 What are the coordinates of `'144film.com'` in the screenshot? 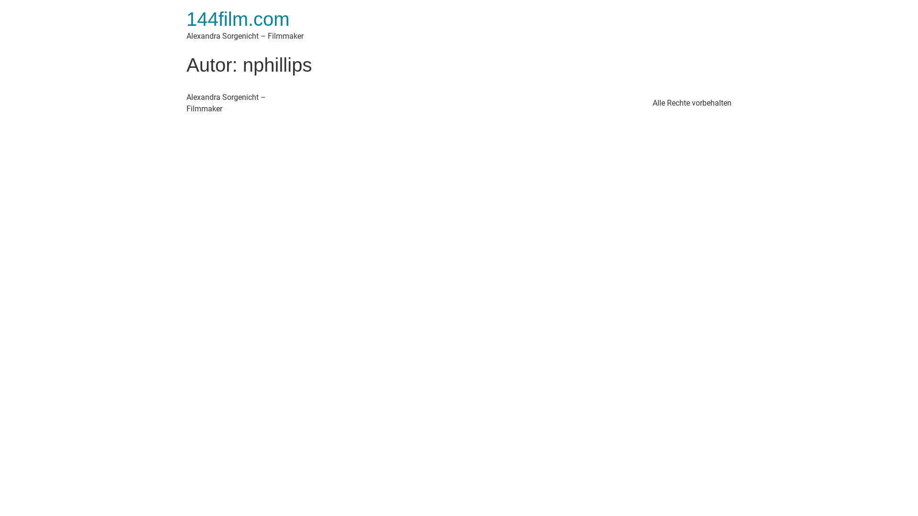 It's located at (238, 19).